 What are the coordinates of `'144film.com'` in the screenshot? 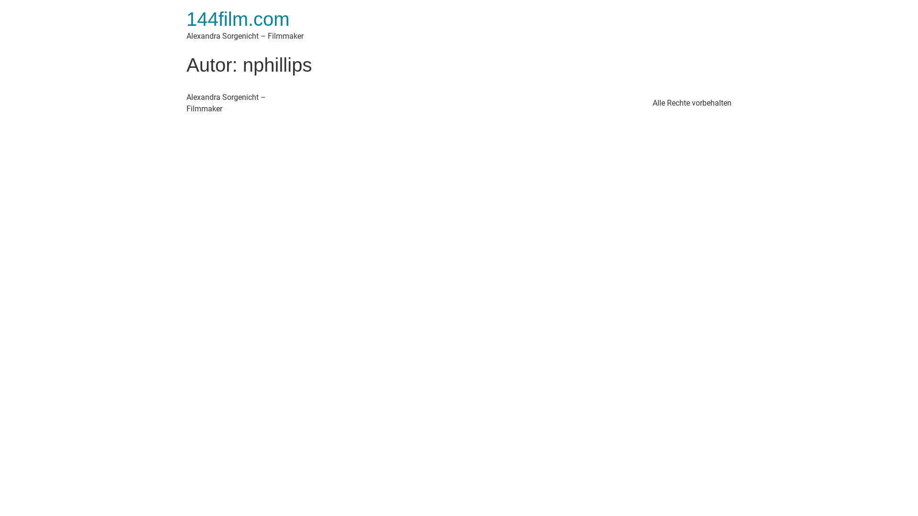 It's located at (238, 19).